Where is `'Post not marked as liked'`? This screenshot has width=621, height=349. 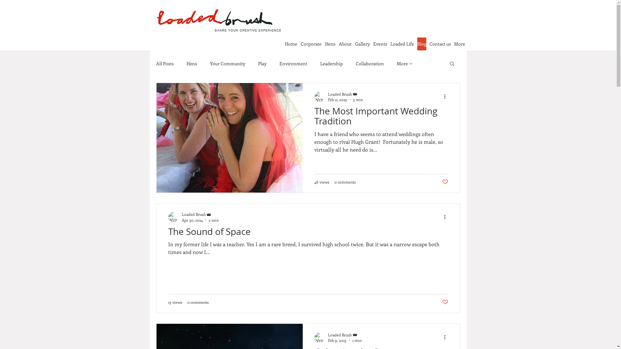 'Post not marked as liked' is located at coordinates (444, 302).